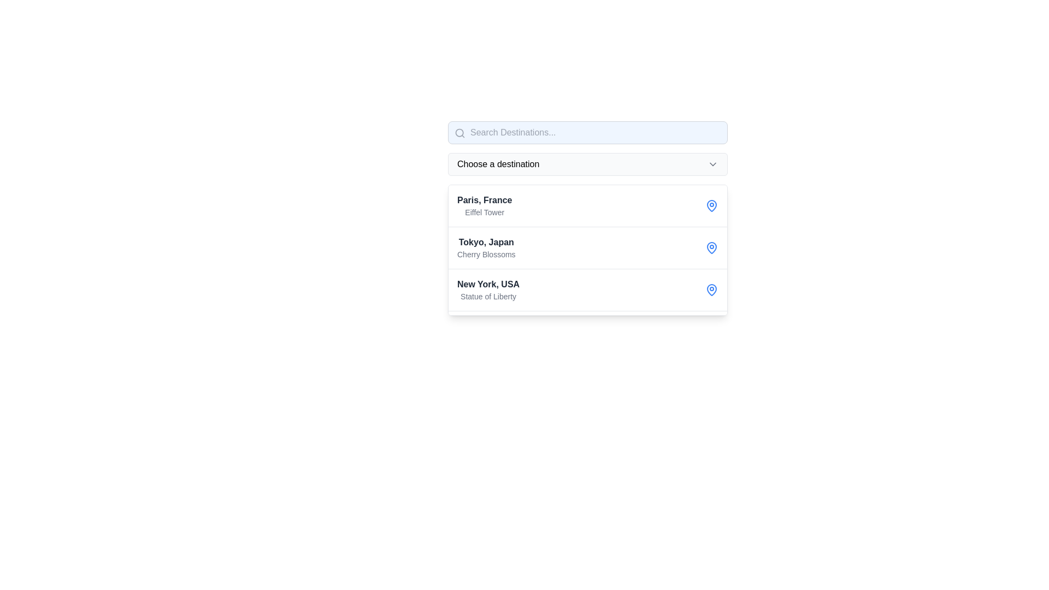 Image resolution: width=1049 pixels, height=590 pixels. What do you see at coordinates (459, 132) in the screenshot?
I see `the decorative search icon adjacent to the 'Search Destinations...' input field, which serves as a visual cue for search functionality` at bounding box center [459, 132].